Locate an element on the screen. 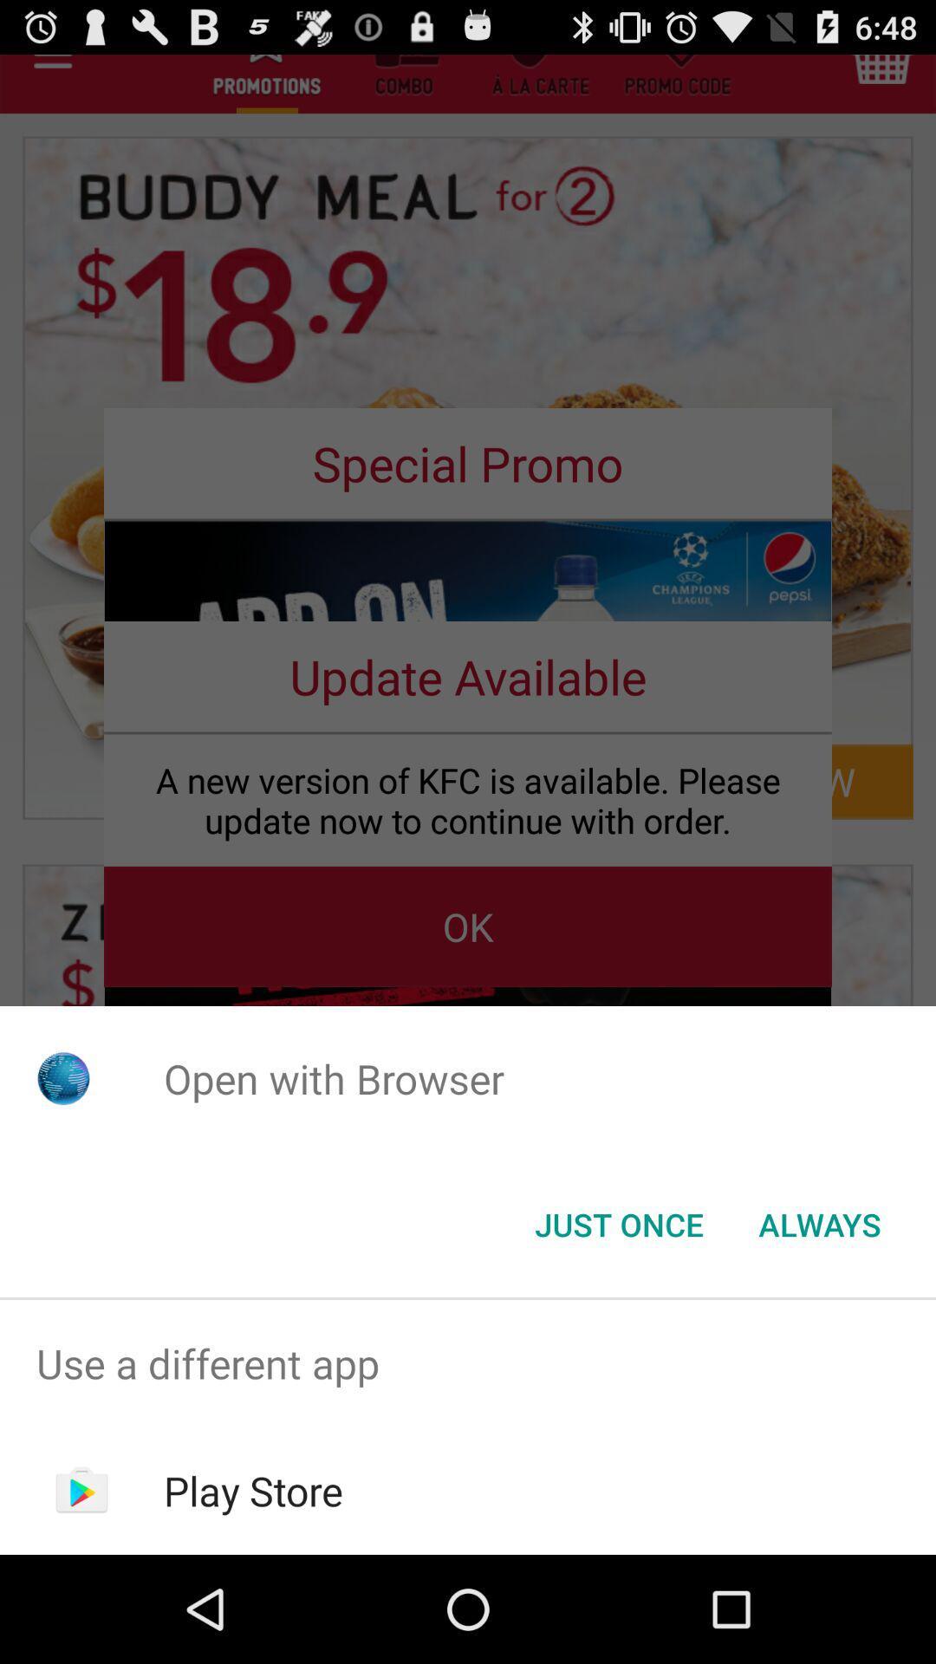  the play store item is located at coordinates (253, 1490).